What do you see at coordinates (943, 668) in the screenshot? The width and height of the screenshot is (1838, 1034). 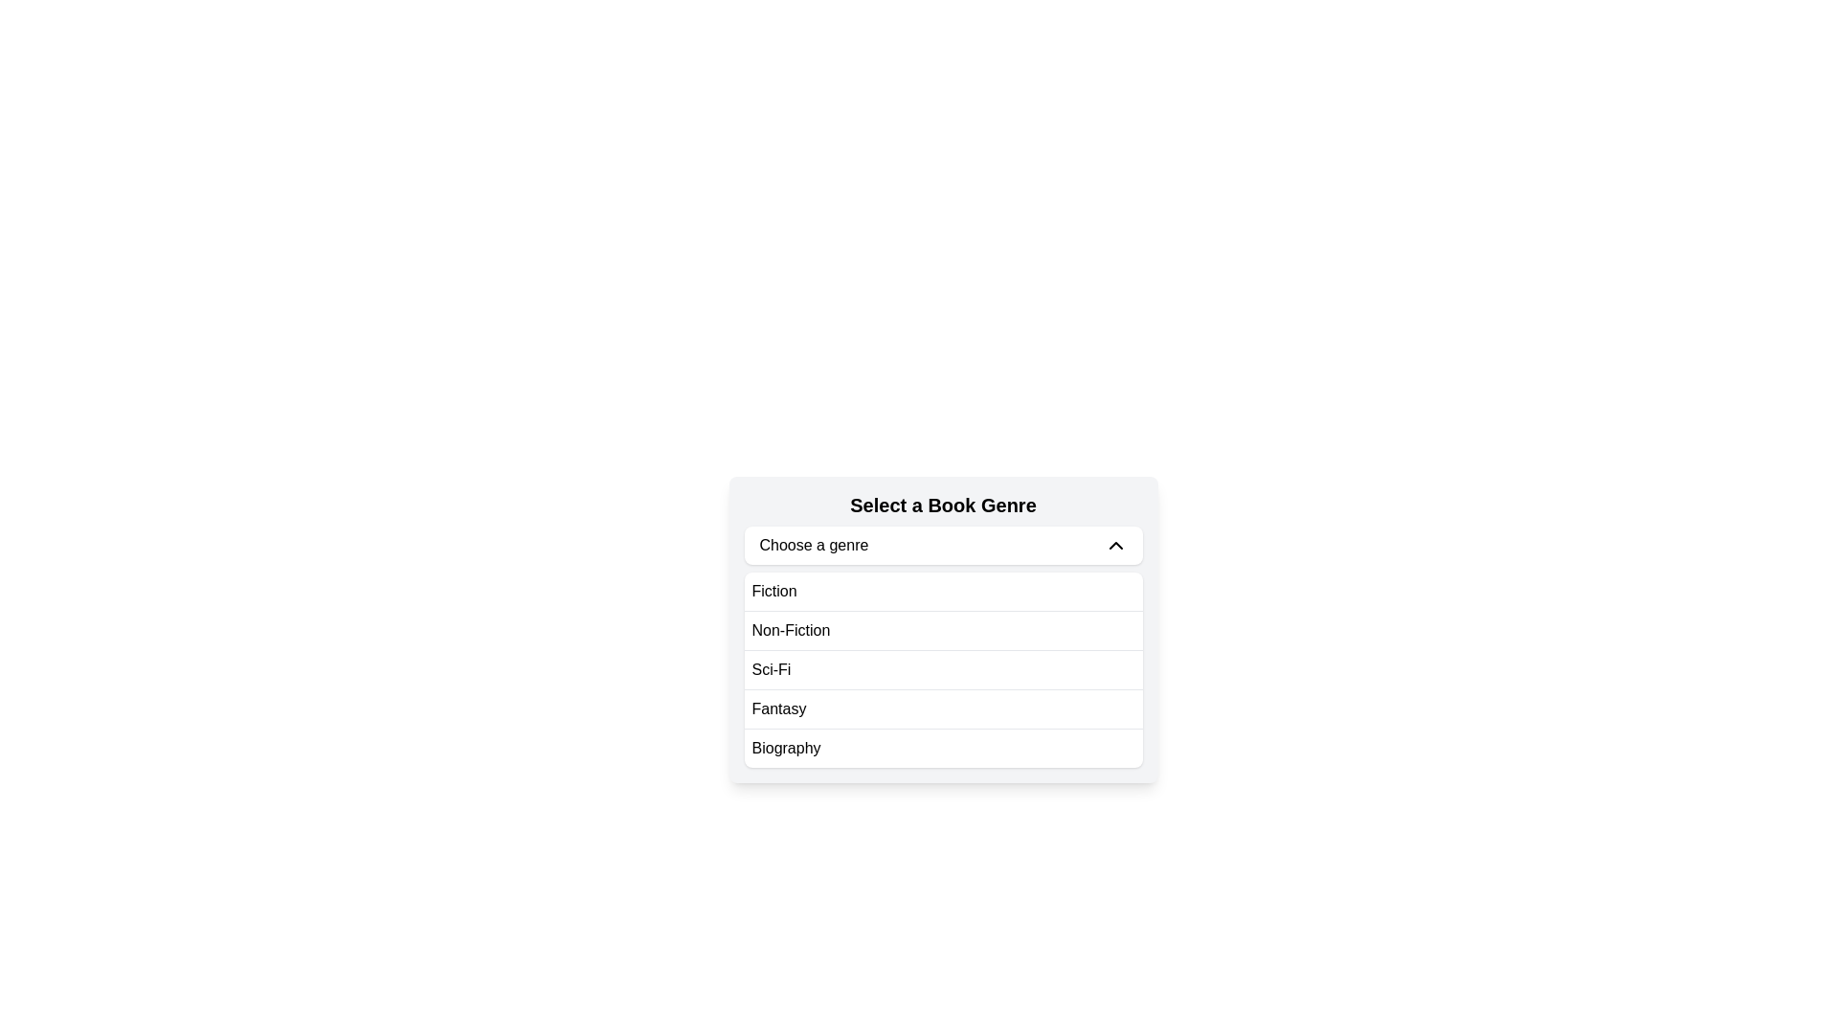 I see `the dropdown menu for selecting a book genre, which has a white background and rounded corners, located in the modal titled 'Select a Book Genre'` at bounding box center [943, 668].